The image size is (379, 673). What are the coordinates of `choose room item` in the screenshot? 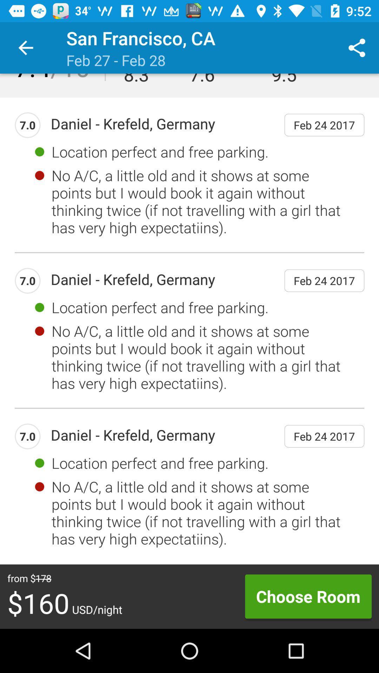 It's located at (308, 596).